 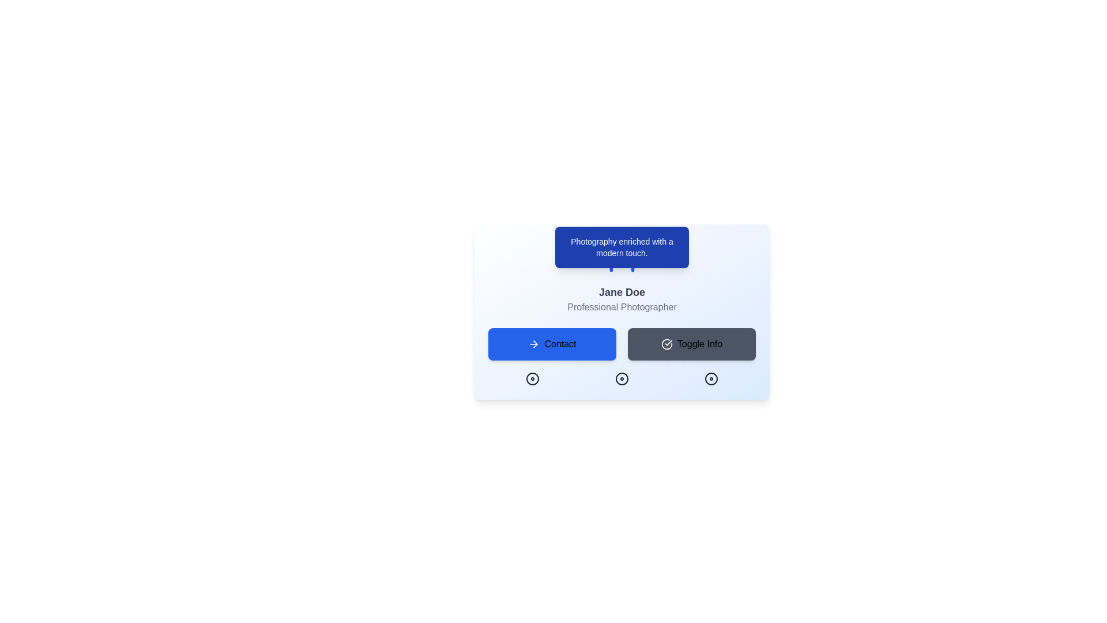 What do you see at coordinates (622, 378) in the screenshot?
I see `the decorative or status indicator represented by the SVG circle element located at the lower middle section of the interface` at bounding box center [622, 378].